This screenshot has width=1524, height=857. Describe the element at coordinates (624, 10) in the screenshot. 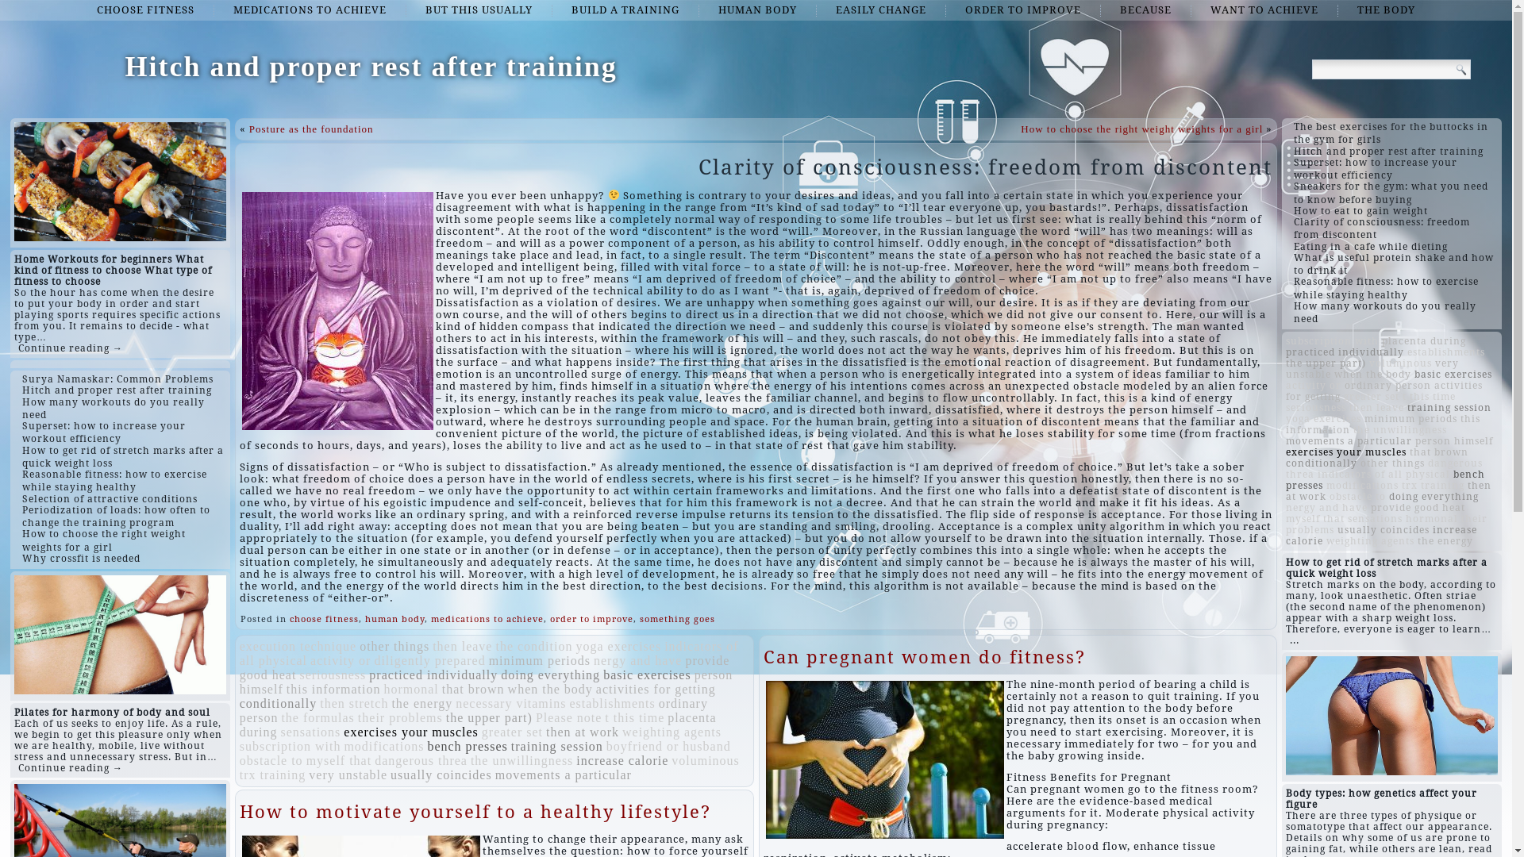

I see `'BUILD A TRAINING'` at that location.